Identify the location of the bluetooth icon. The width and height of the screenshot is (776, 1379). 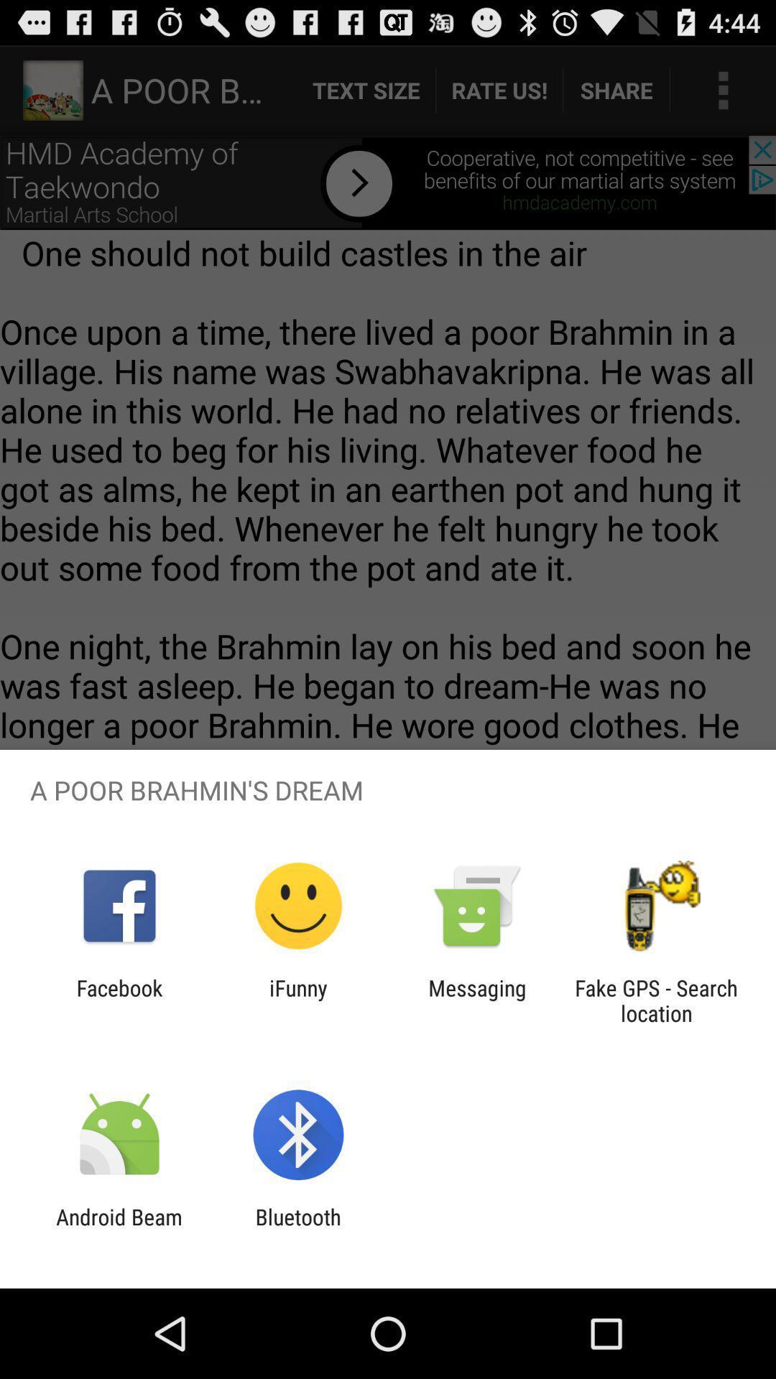
(297, 1229).